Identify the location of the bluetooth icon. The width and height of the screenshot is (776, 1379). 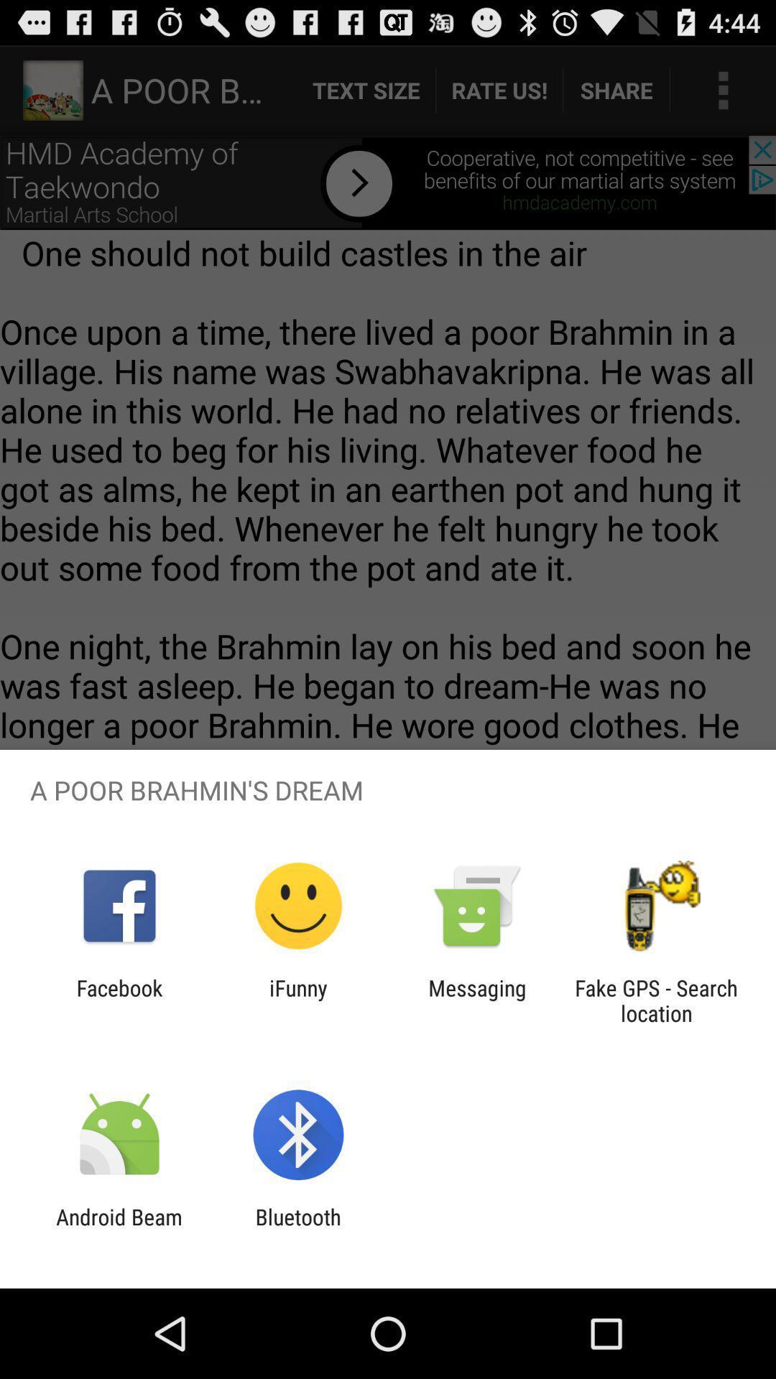
(297, 1229).